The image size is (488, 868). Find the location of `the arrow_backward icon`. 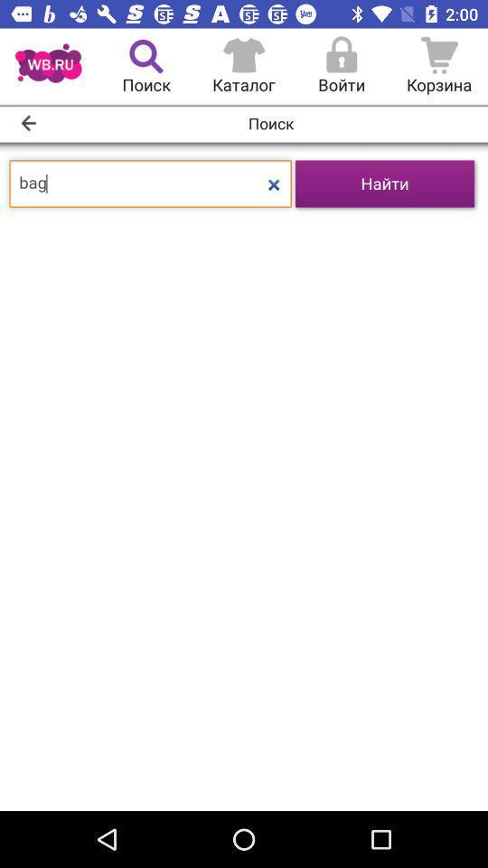

the arrow_backward icon is located at coordinates (27, 122).